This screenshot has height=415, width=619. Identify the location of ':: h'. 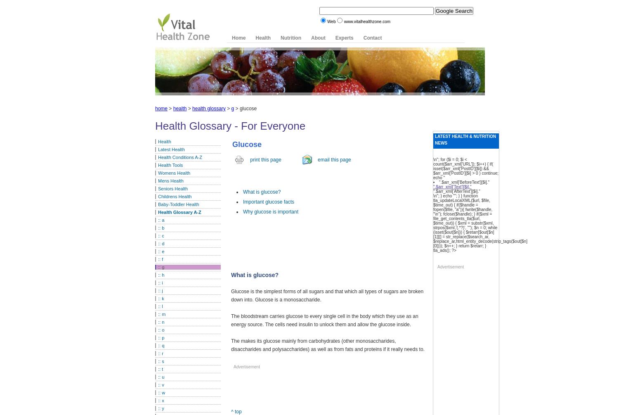
(161, 275).